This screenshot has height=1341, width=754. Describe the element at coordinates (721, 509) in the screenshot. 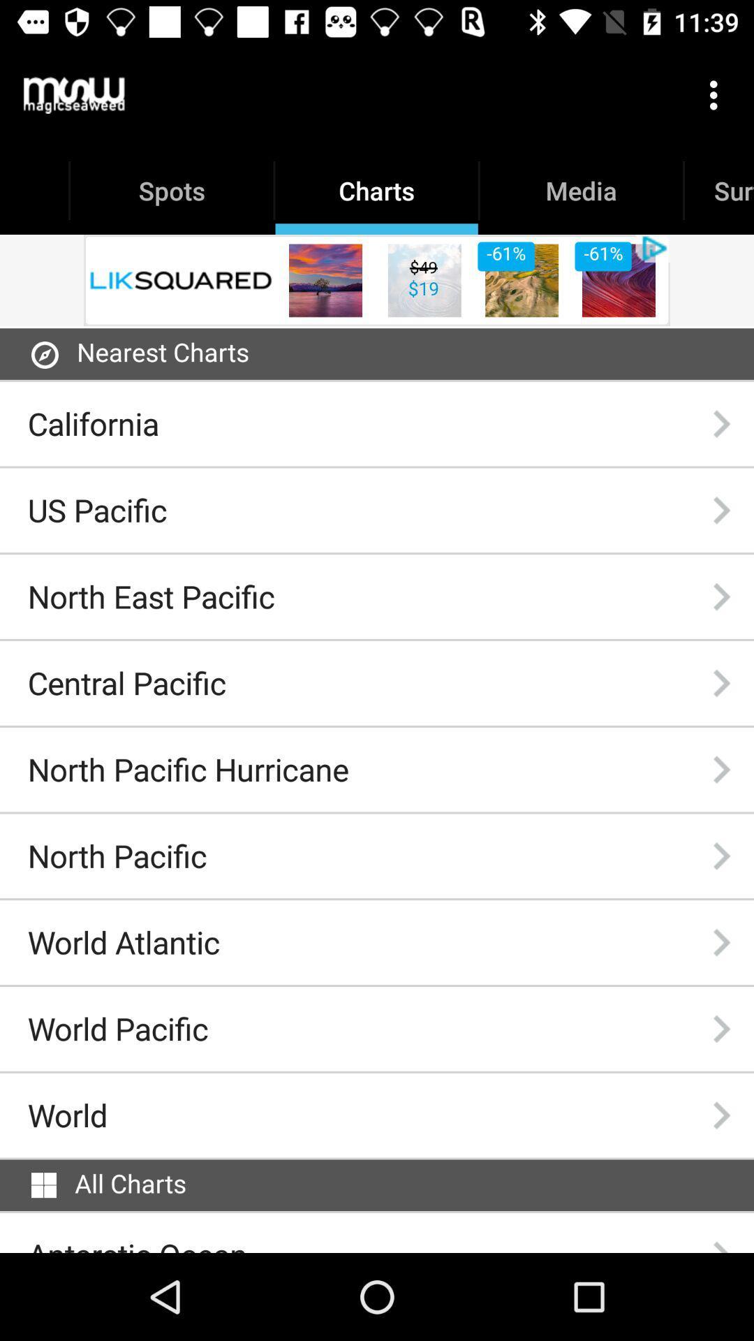

I see `the item next to us pacific icon` at that location.